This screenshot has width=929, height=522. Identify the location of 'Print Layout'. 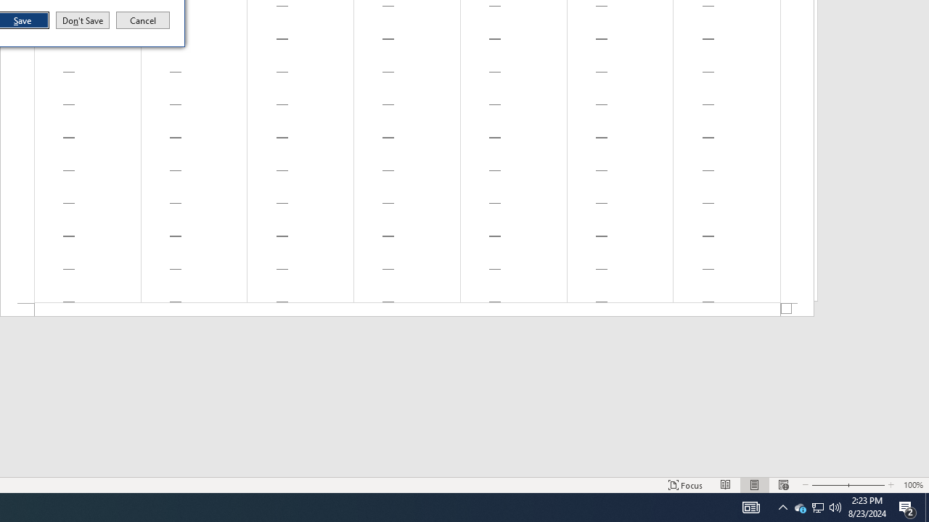
(726, 485).